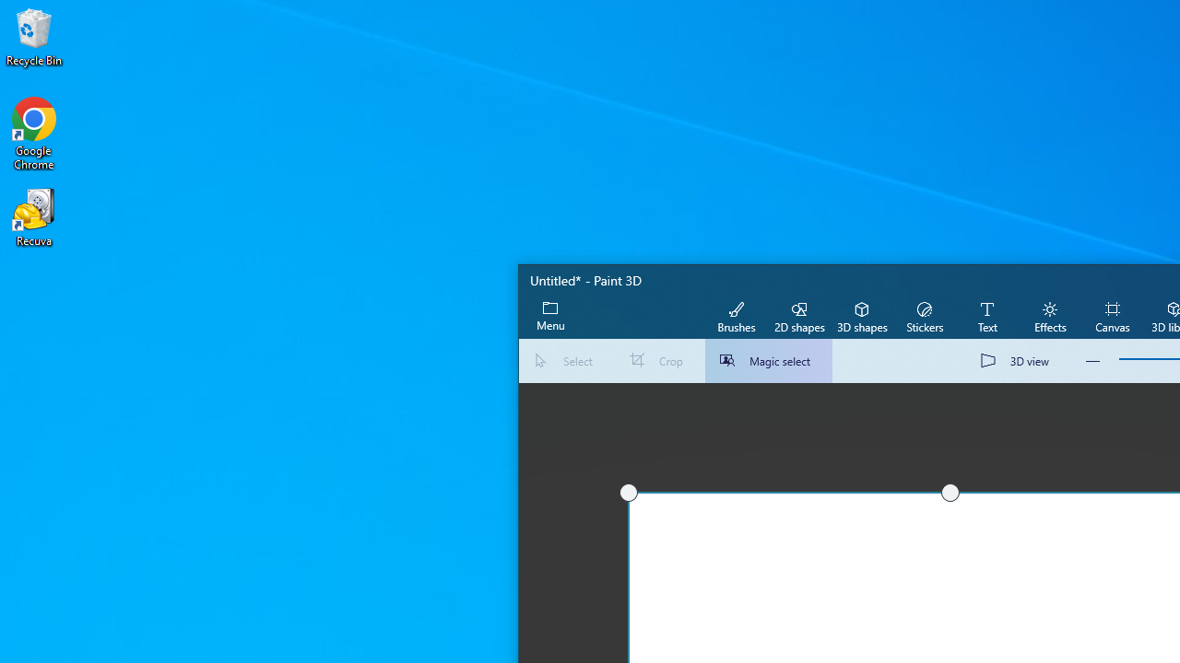 This screenshot has height=663, width=1180. What do you see at coordinates (566, 361) in the screenshot?
I see `'Select'` at bounding box center [566, 361].